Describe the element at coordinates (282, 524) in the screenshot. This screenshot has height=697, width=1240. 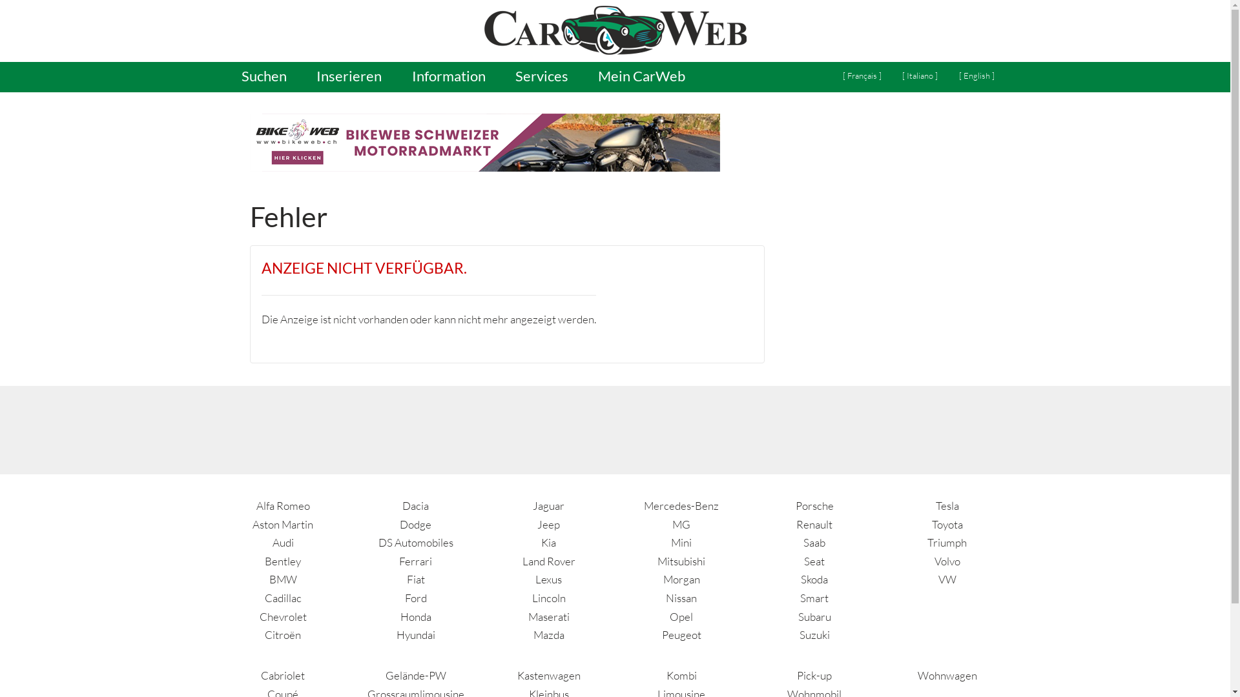
I see `'Aston Martin'` at that location.